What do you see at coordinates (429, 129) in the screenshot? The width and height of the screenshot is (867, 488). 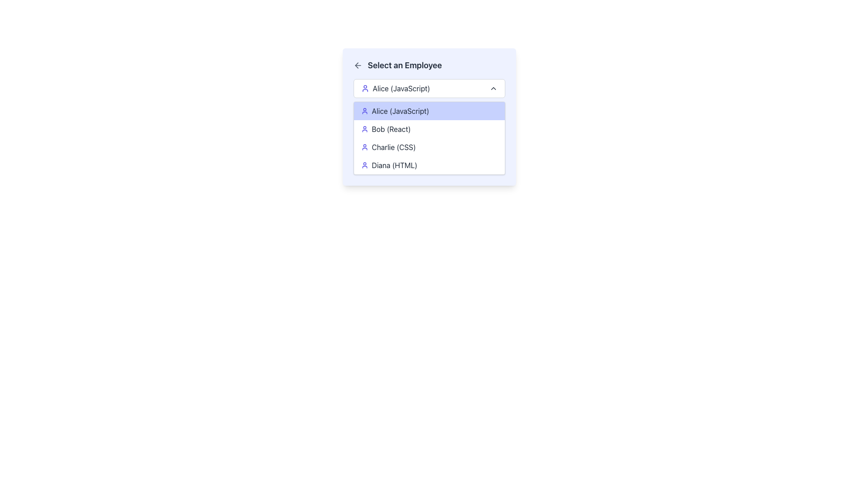 I see `the list item option 'Bob (React)' within the dropdown menu 'Select an Employee'` at bounding box center [429, 129].